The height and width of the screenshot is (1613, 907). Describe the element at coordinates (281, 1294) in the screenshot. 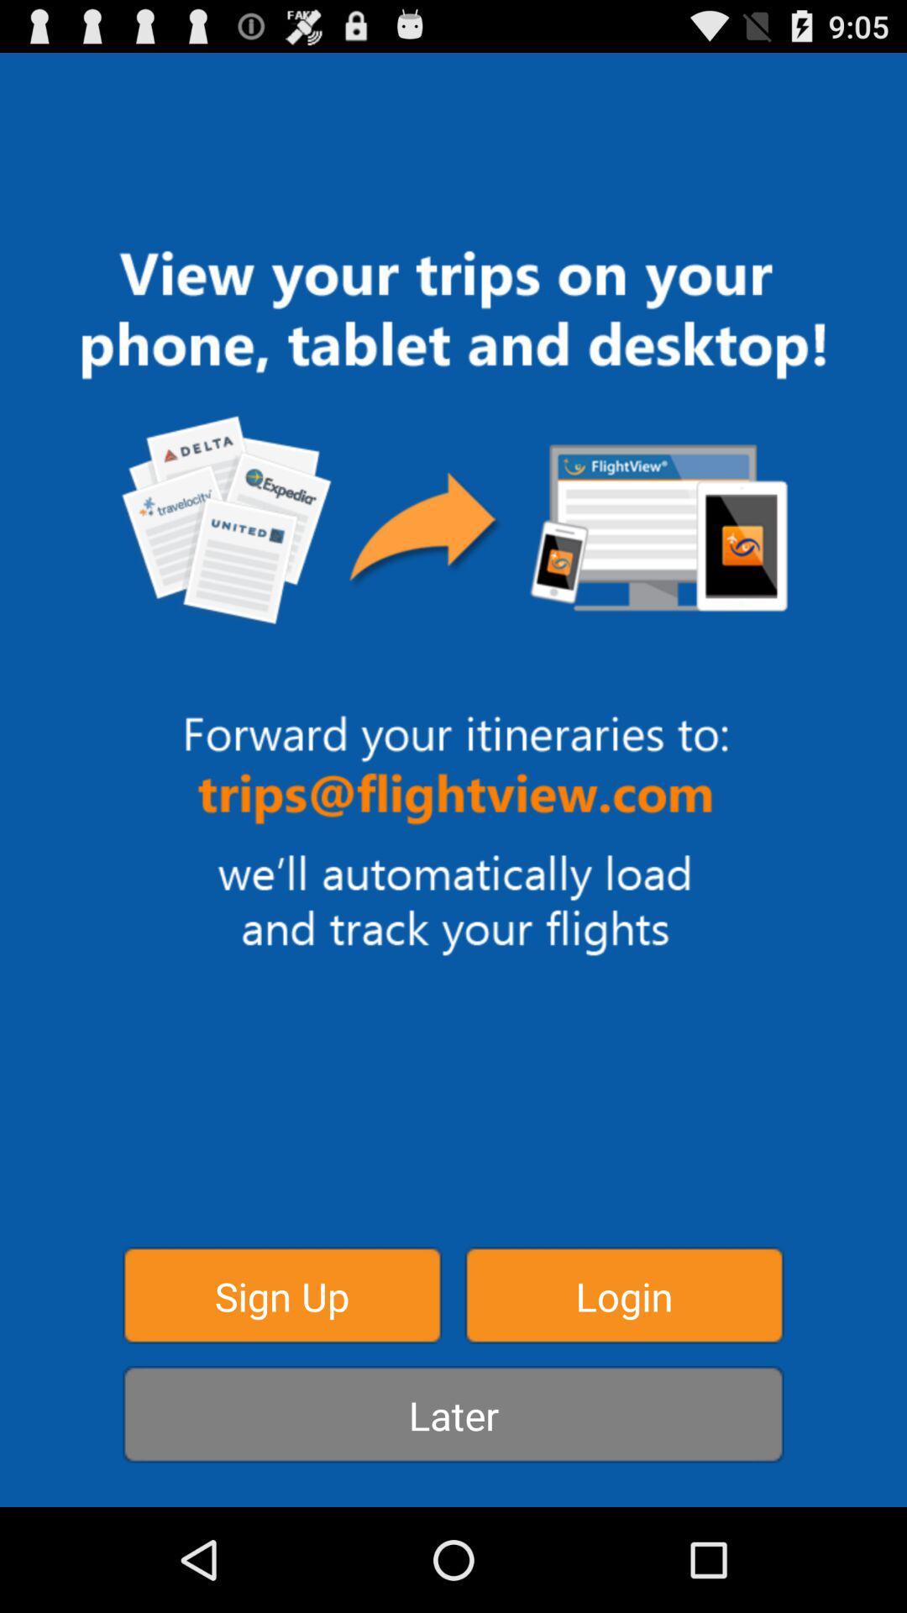

I see `the button at the bottom left corner` at that location.